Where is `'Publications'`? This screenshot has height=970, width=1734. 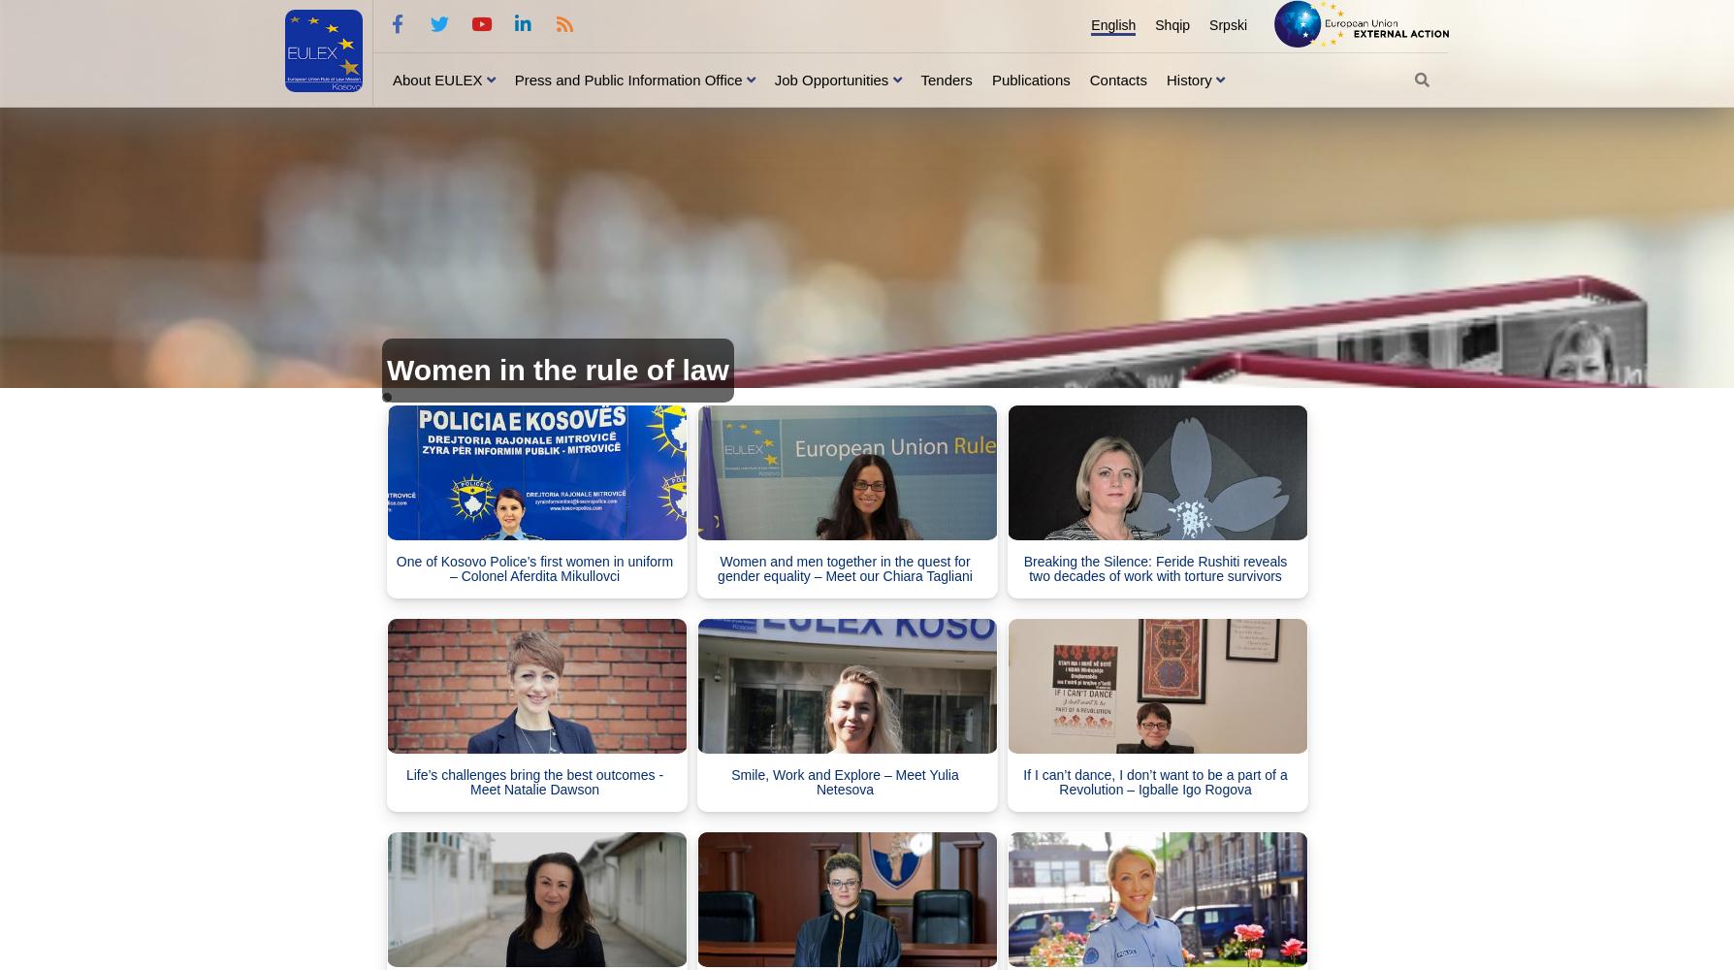
'Publications' is located at coordinates (1030, 78).